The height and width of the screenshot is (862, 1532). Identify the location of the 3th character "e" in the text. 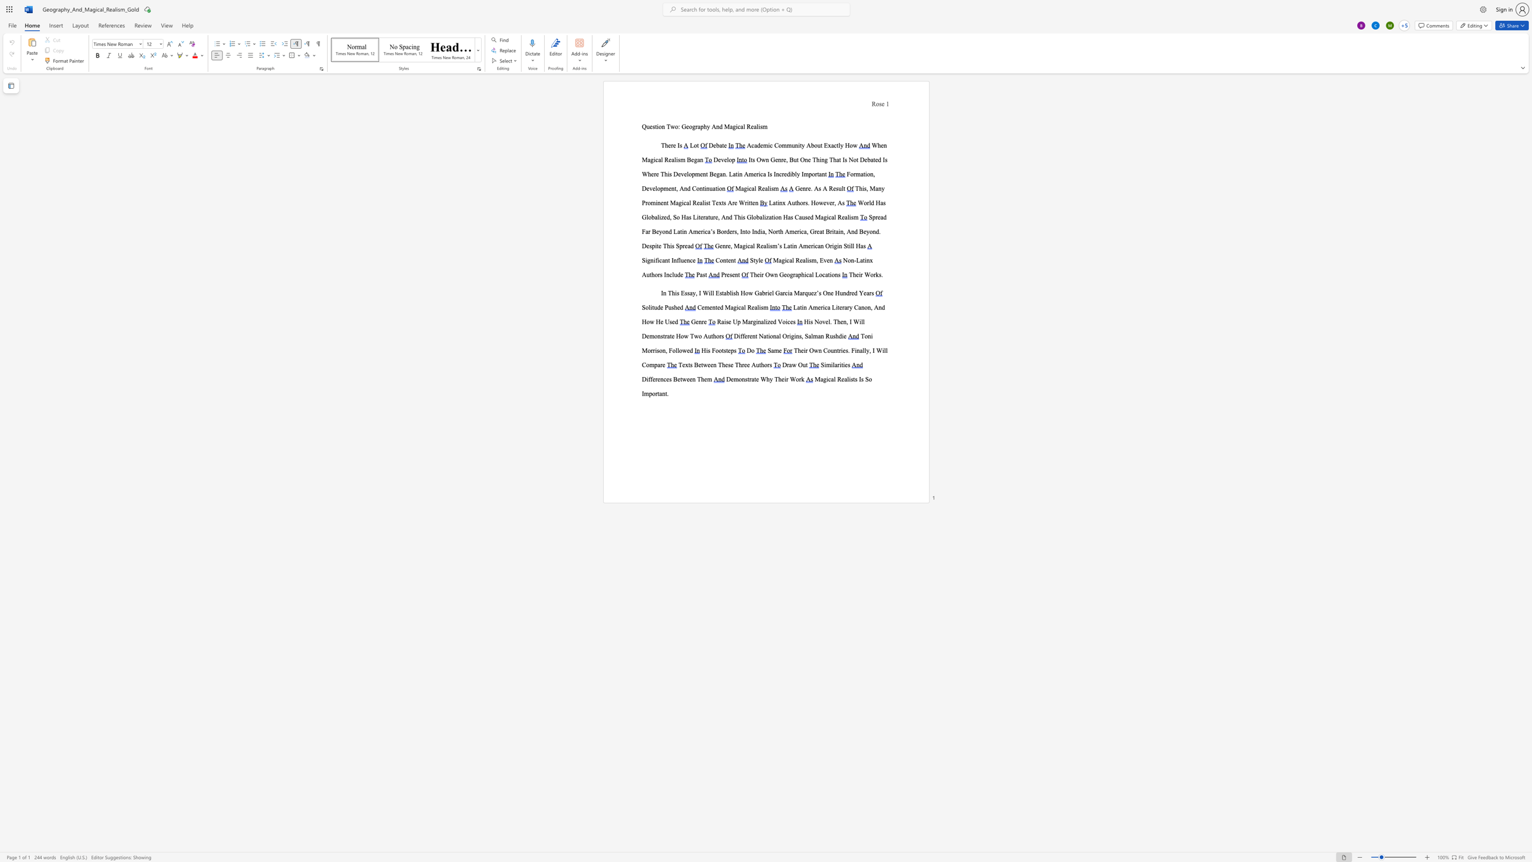
(761, 246).